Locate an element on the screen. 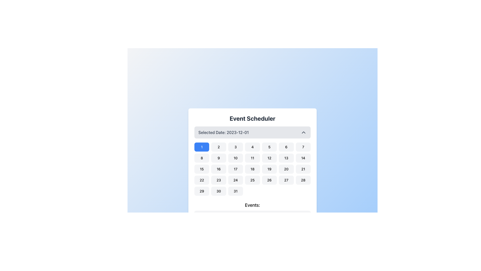 The image size is (481, 271). the specific day button in the calendar grid located in the fourth row and fourth column is located at coordinates (253, 180).